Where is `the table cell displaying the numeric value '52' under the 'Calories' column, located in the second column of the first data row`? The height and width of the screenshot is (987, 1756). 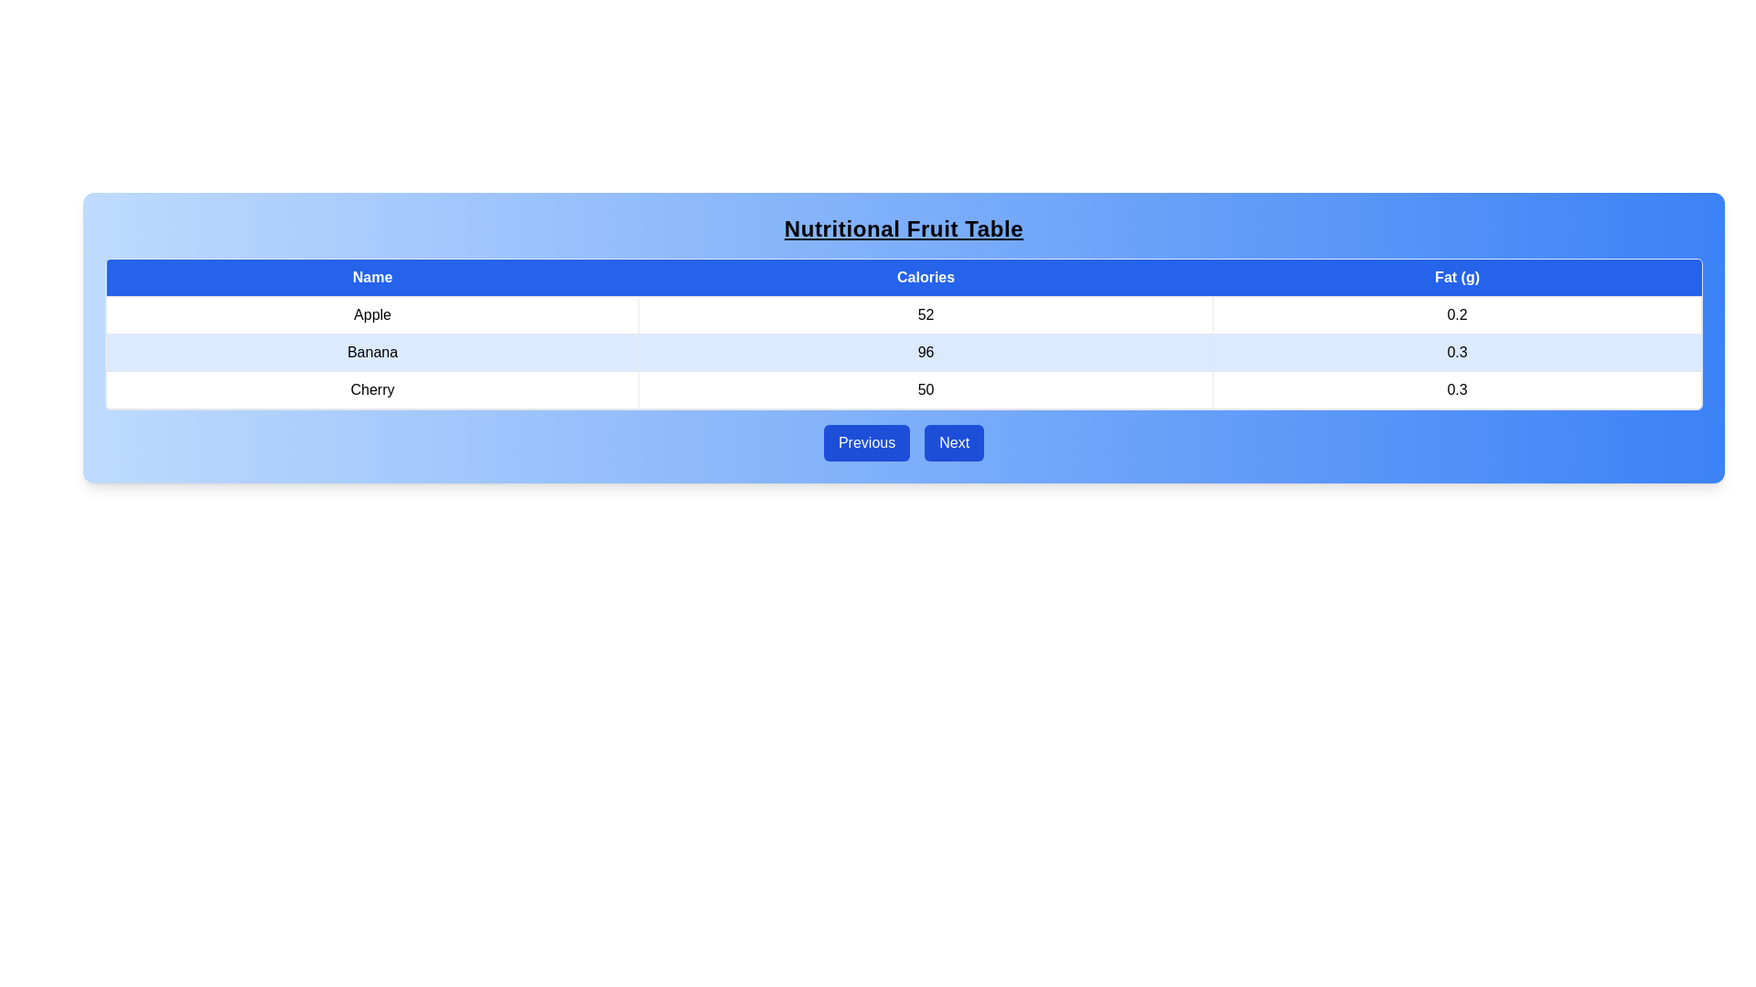 the table cell displaying the numeric value '52' under the 'Calories' column, located in the second column of the first data row is located at coordinates (904, 313).